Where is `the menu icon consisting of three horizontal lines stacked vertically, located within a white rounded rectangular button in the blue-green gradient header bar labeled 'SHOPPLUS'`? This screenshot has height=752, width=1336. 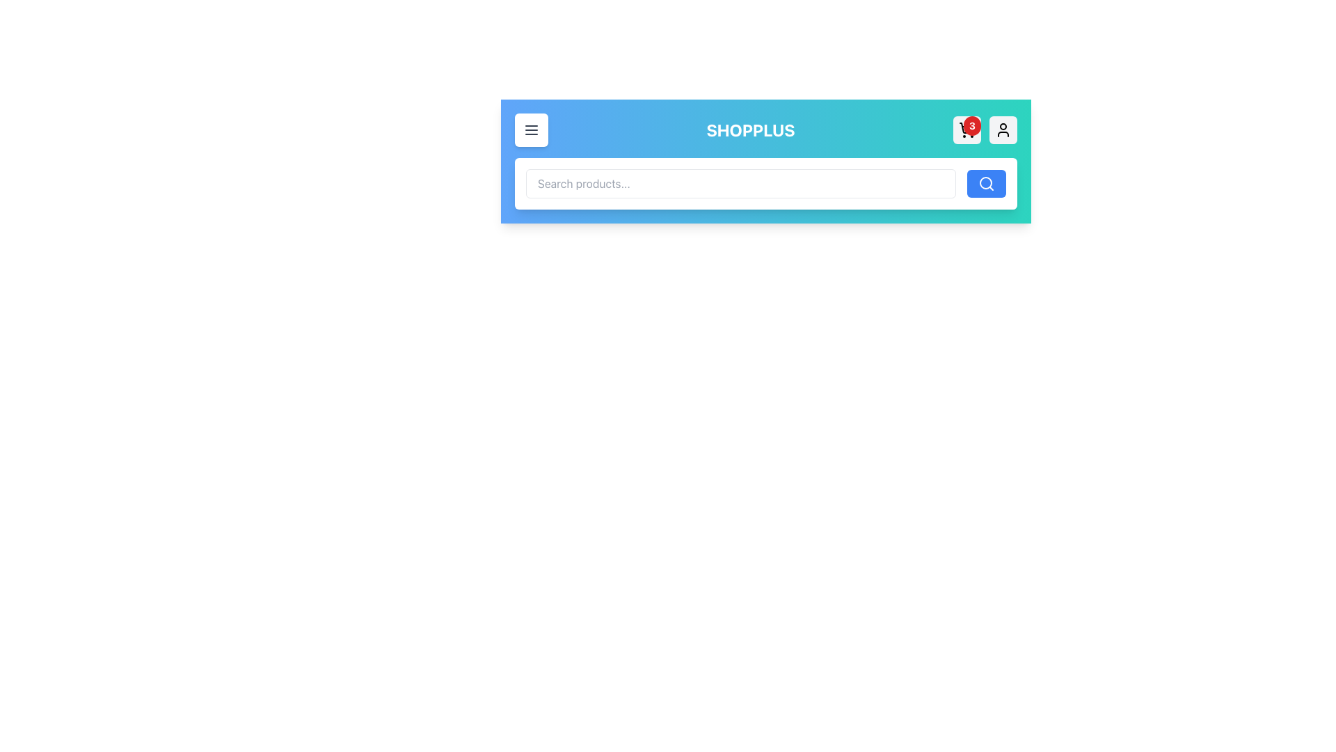 the menu icon consisting of three horizontal lines stacked vertically, located within a white rounded rectangular button in the blue-green gradient header bar labeled 'SHOPPLUS' is located at coordinates (530, 130).